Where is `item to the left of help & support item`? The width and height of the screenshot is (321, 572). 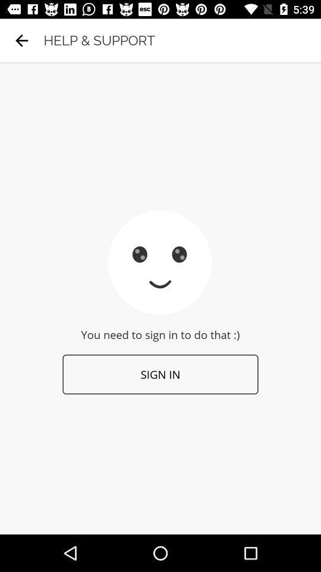
item to the left of help & support item is located at coordinates (21, 41).